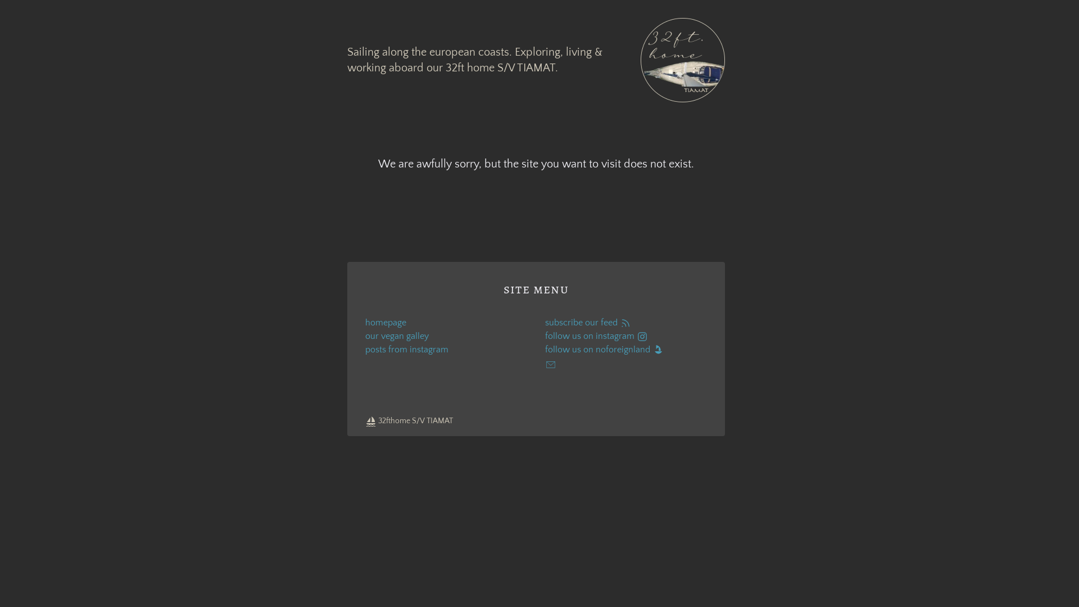  What do you see at coordinates (625, 335) in the screenshot?
I see `'follow us on instagram'` at bounding box center [625, 335].